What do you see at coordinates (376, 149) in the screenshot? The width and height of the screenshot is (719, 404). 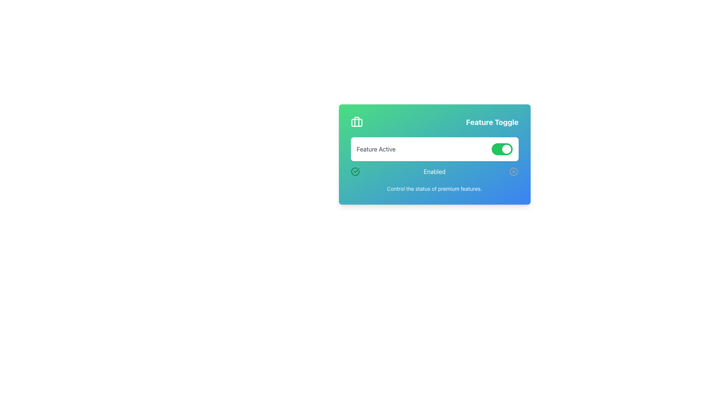 I see `the Text Label that indicates the state of a feature, positioned in a white rectangular section to the left of the green toggle switch` at bounding box center [376, 149].